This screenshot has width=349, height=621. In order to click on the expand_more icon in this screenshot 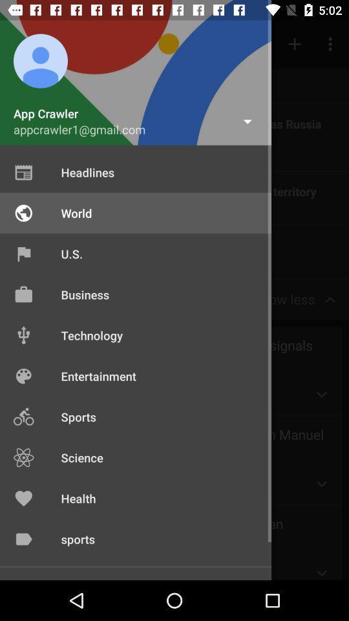, I will do `click(321, 566)`.